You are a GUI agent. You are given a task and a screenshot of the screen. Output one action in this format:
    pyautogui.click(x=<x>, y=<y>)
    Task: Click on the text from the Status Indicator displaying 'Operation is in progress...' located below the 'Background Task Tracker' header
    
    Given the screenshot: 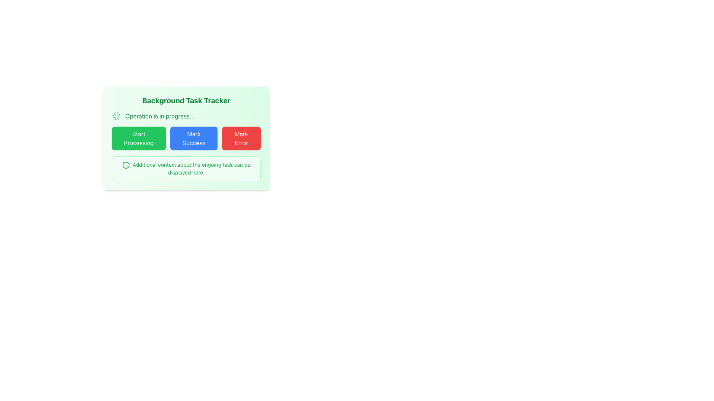 What is the action you would take?
    pyautogui.click(x=186, y=116)
    